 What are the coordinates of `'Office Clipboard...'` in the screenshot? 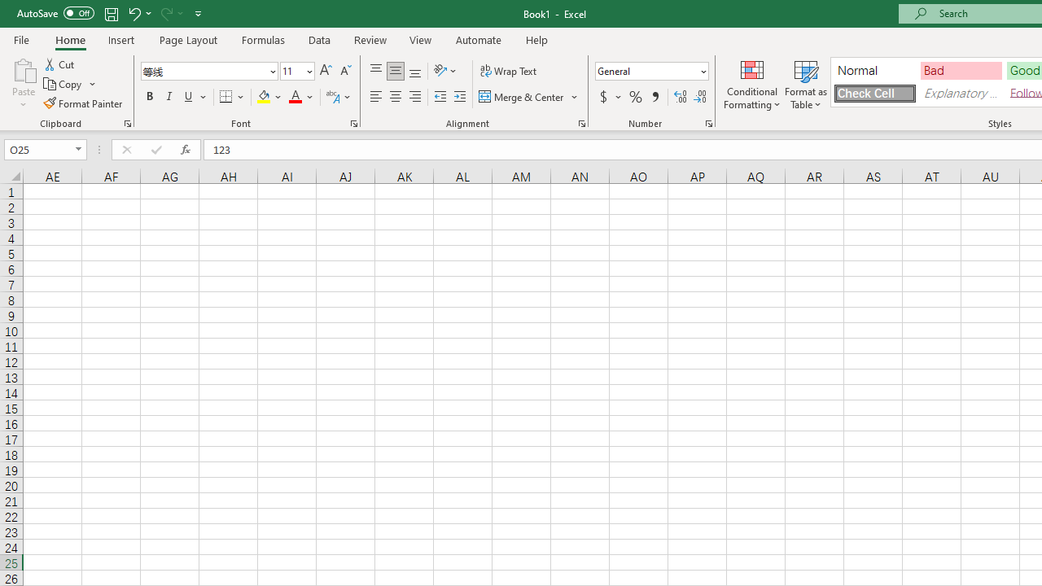 It's located at (126, 122).